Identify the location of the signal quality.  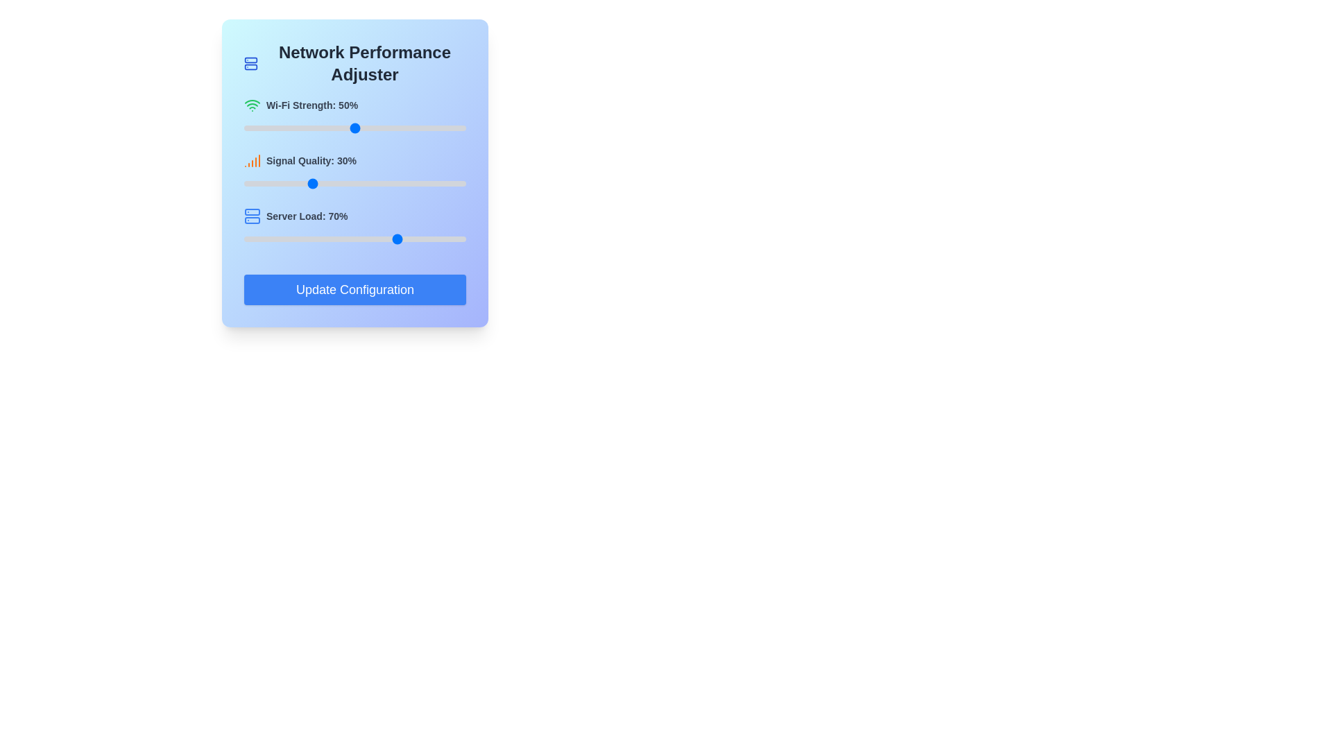
(412, 183).